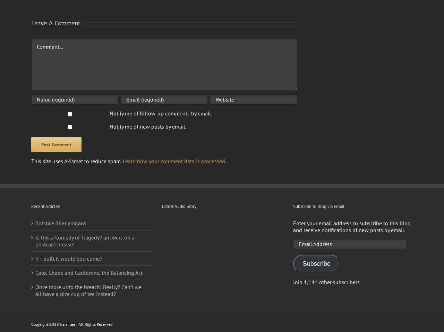  Describe the element at coordinates (69, 258) in the screenshot. I see `'If I built it would you come?'` at that location.